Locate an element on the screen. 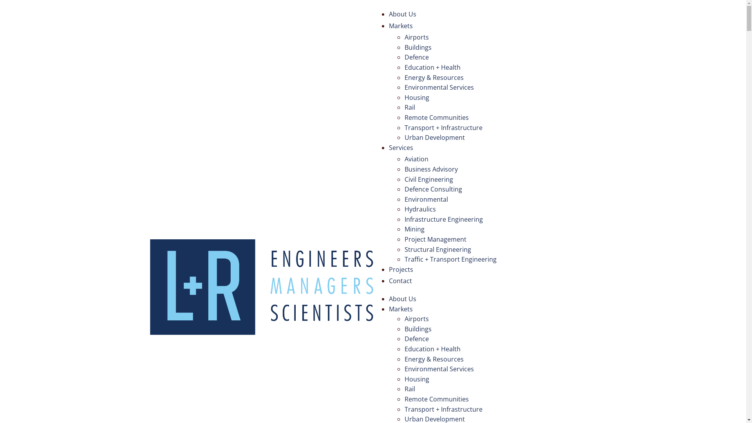 Image resolution: width=752 pixels, height=423 pixels. 'Energy & Resources' is located at coordinates (433, 359).